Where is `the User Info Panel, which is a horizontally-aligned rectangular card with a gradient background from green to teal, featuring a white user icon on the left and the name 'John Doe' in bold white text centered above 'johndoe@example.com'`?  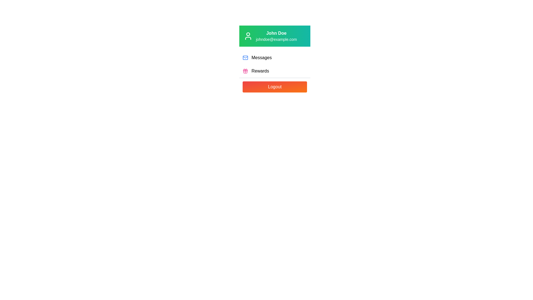
the User Info Panel, which is a horizontally-aligned rectangular card with a gradient background from green to teal, featuring a white user icon on the left and the name 'John Doe' in bold white text centered above 'johndoe@example.com' is located at coordinates (275, 36).